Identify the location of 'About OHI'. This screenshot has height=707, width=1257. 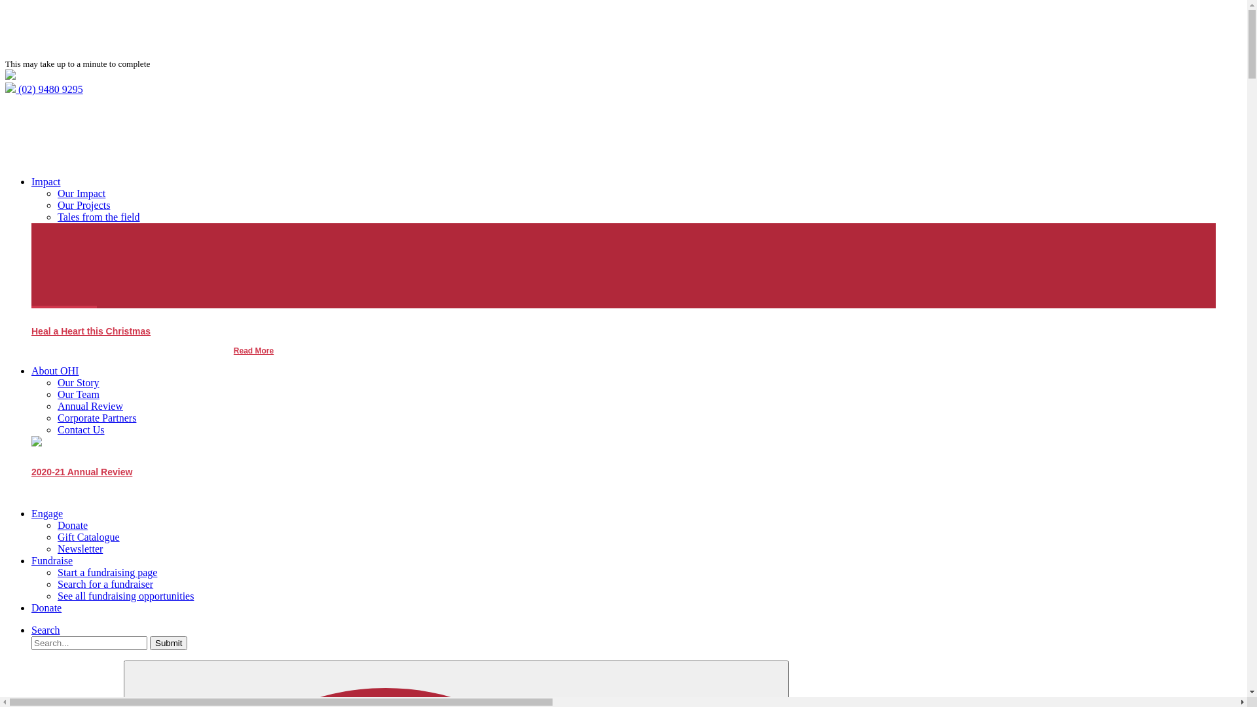
(54, 371).